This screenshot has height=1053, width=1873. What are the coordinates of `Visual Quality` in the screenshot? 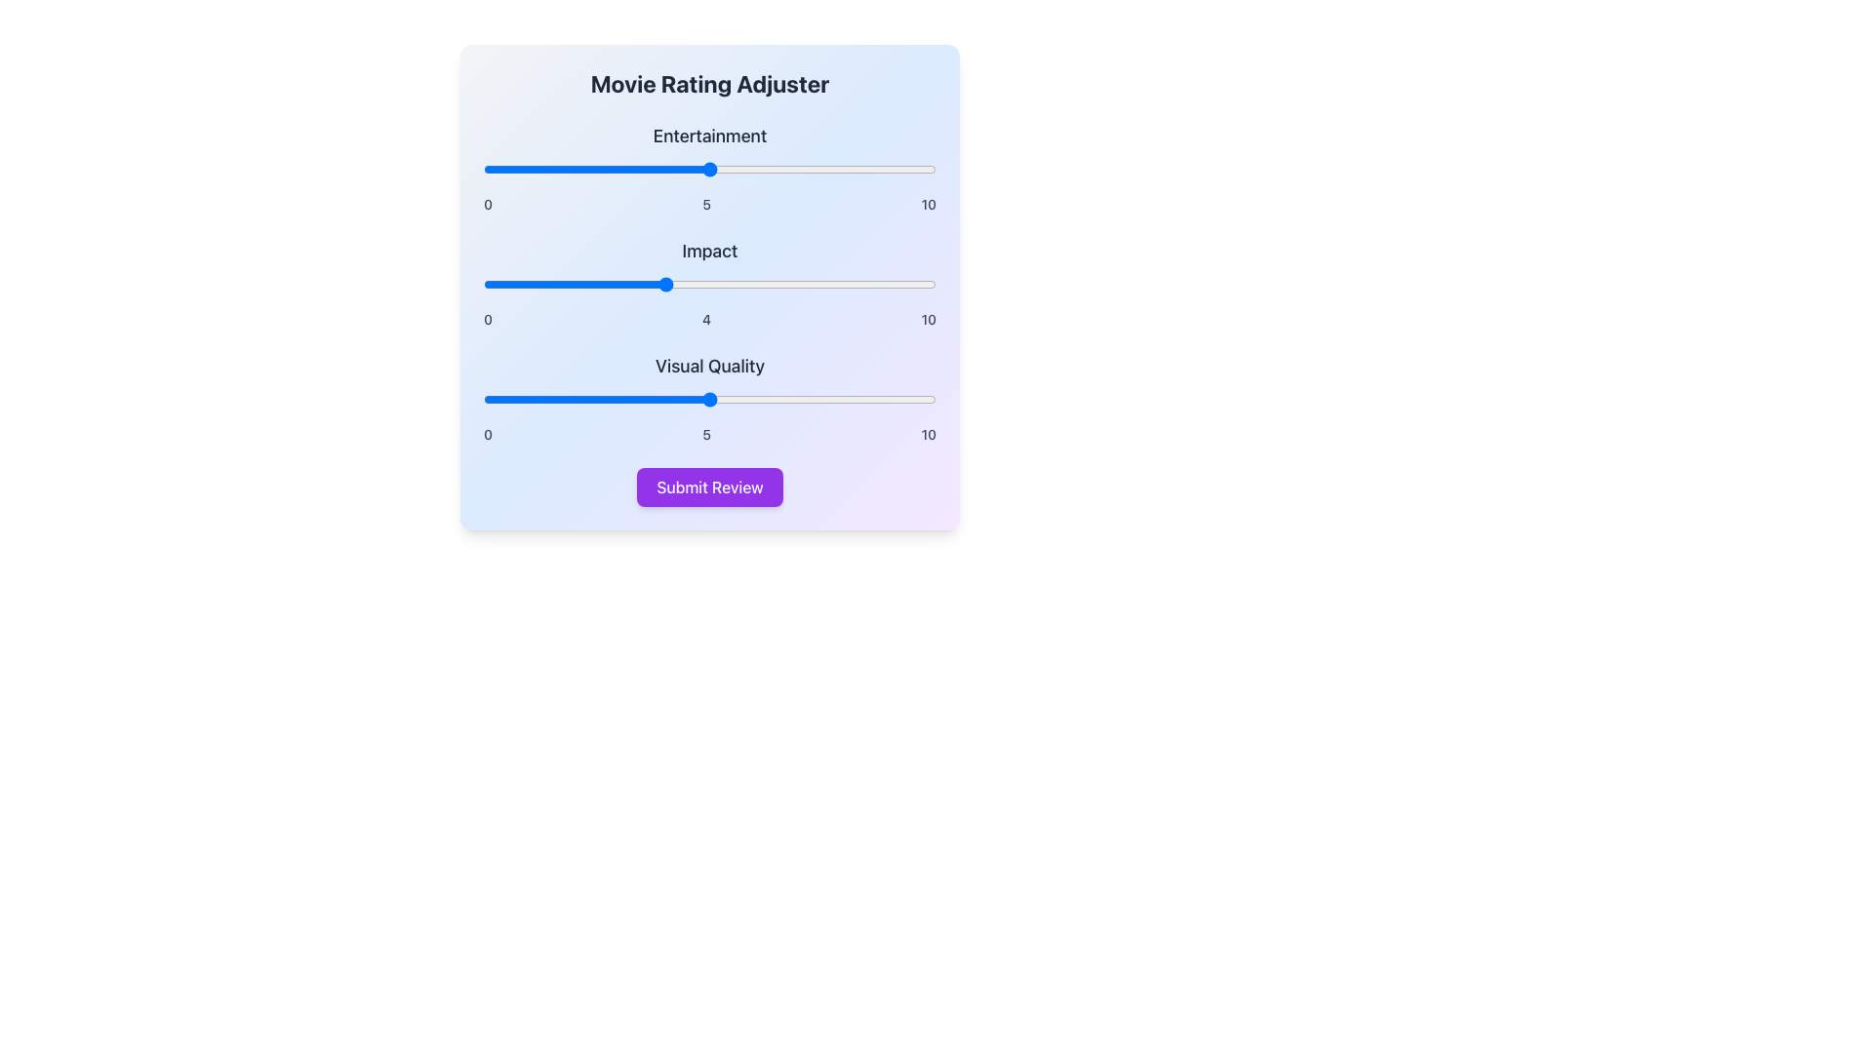 It's located at (573, 398).